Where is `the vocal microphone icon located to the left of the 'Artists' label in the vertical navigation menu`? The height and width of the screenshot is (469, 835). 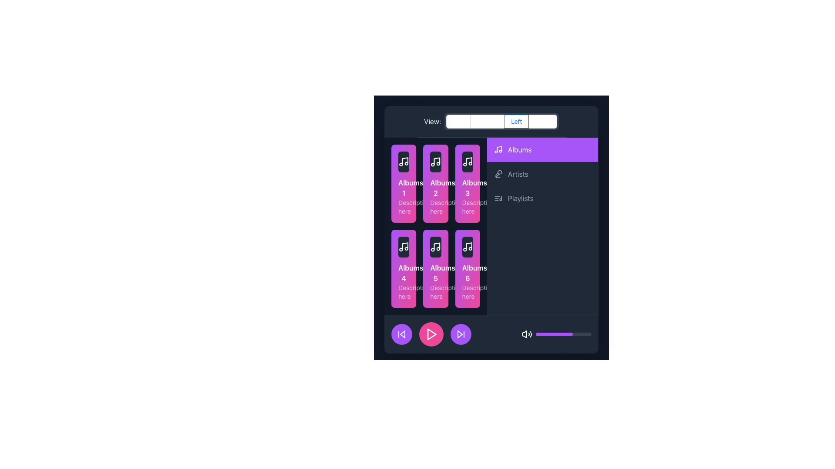 the vocal microphone icon located to the left of the 'Artists' label in the vertical navigation menu is located at coordinates (498, 174).